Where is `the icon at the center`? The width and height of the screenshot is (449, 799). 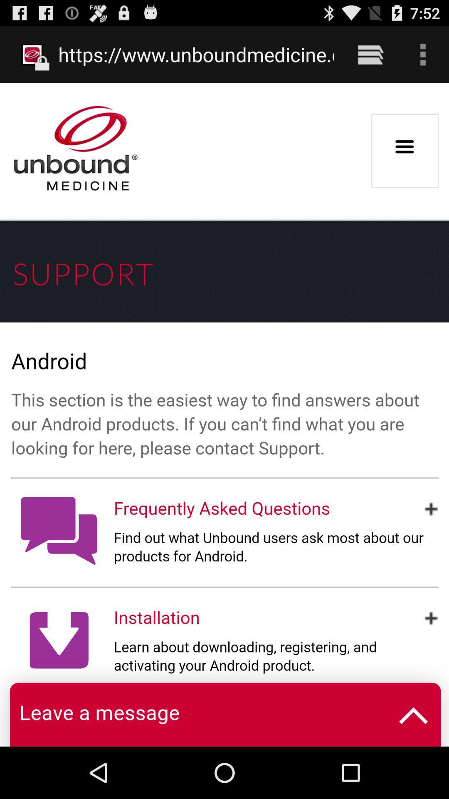 the icon at the center is located at coordinates (224, 414).